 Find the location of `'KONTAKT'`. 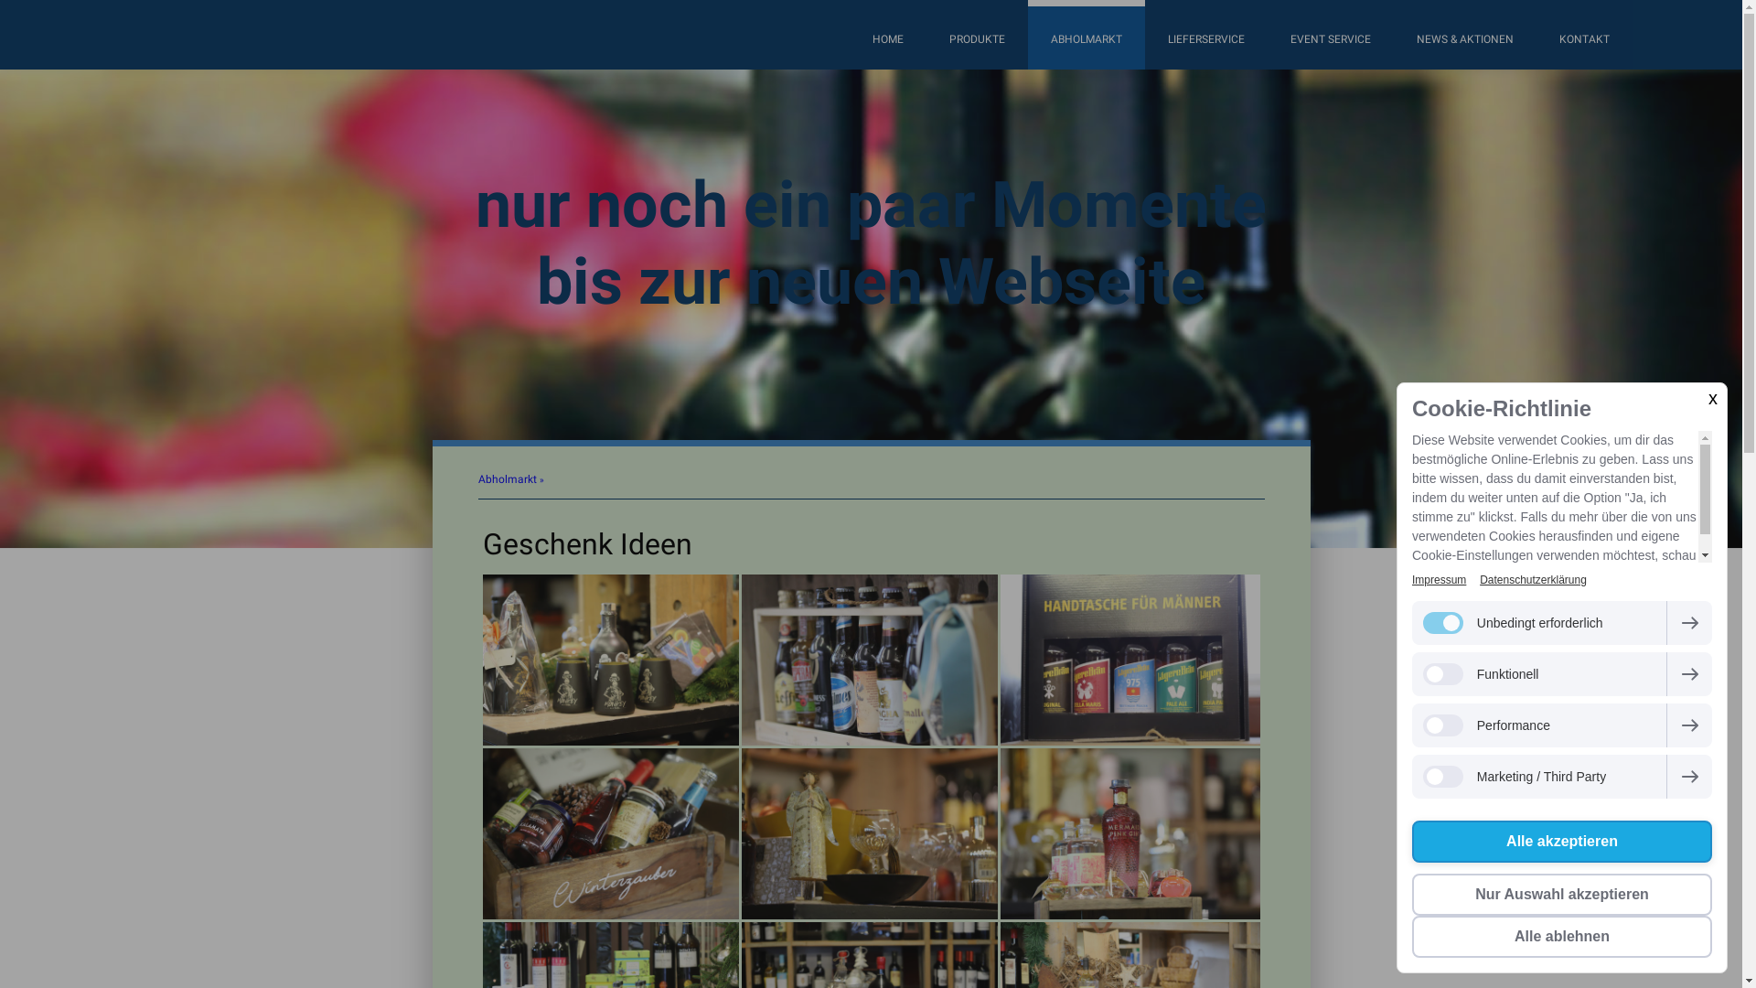

'KONTAKT' is located at coordinates (1583, 35).